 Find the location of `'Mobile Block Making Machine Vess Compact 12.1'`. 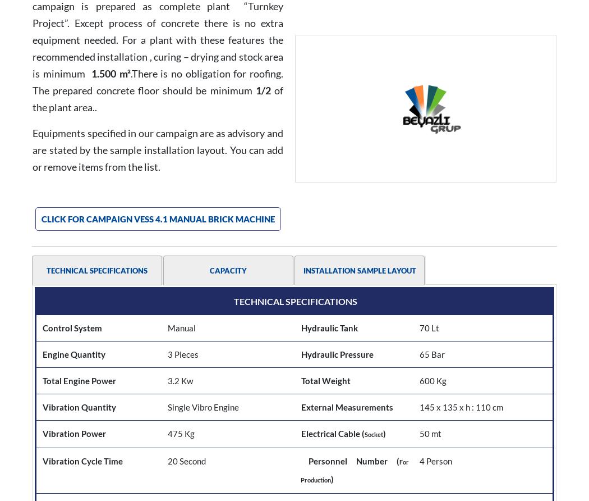

'Mobile Block Making Machine Vess Compact 12.1' is located at coordinates (357, 429).